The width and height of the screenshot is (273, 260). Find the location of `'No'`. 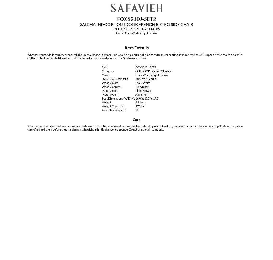

'No' is located at coordinates (137, 110).